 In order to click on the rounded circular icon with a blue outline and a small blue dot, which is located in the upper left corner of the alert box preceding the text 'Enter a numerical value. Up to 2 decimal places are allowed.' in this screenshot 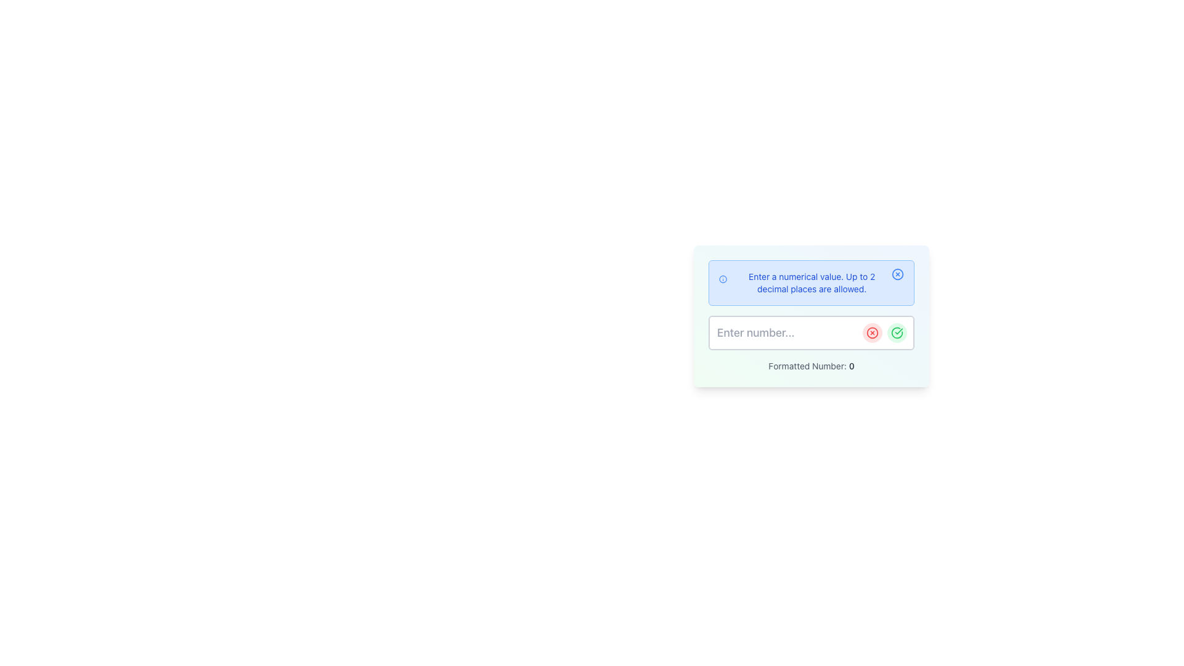, I will do `click(723, 279)`.